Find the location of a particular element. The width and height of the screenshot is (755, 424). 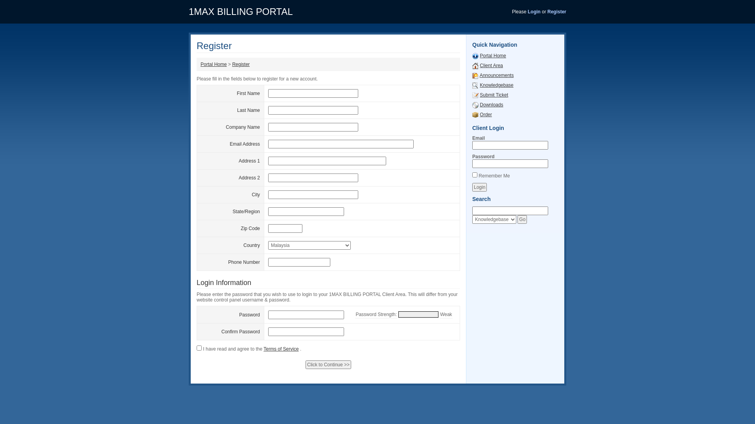

'Portal Home' is located at coordinates (214, 64).